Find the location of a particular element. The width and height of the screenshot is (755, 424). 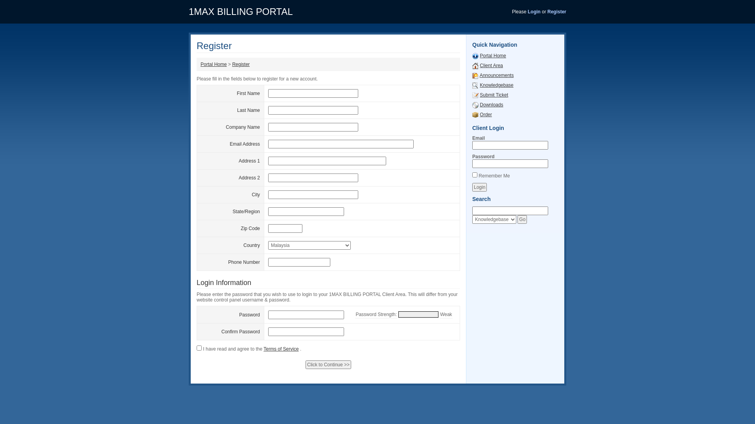

'Portal Home' is located at coordinates (214, 64).